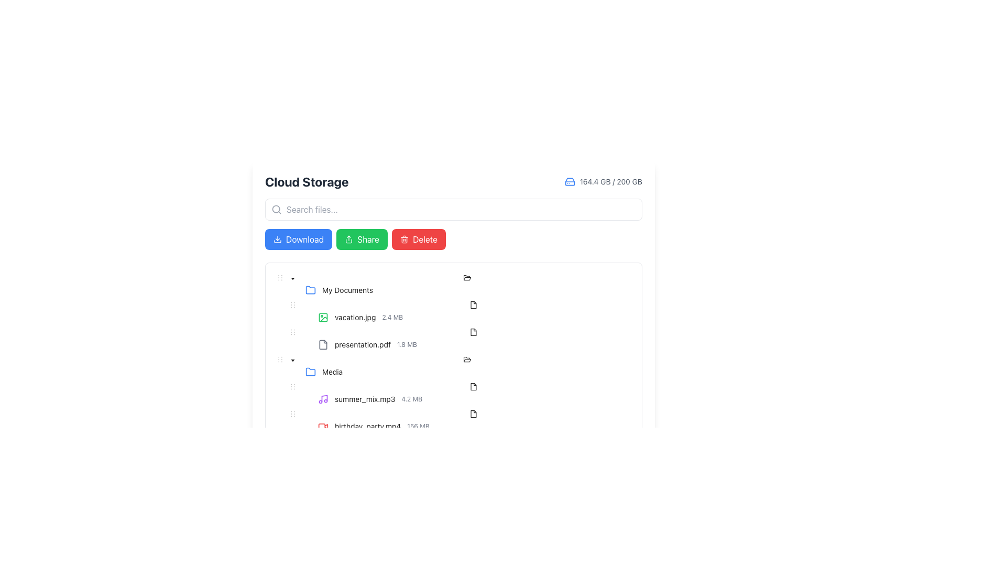  What do you see at coordinates (453, 210) in the screenshot?
I see `the search input field below the 'Cloud Storage' title to focus on it` at bounding box center [453, 210].